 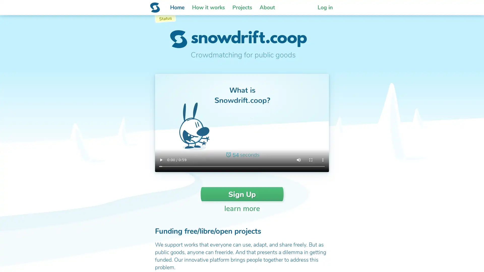 What do you see at coordinates (299, 160) in the screenshot?
I see `mute` at bounding box center [299, 160].